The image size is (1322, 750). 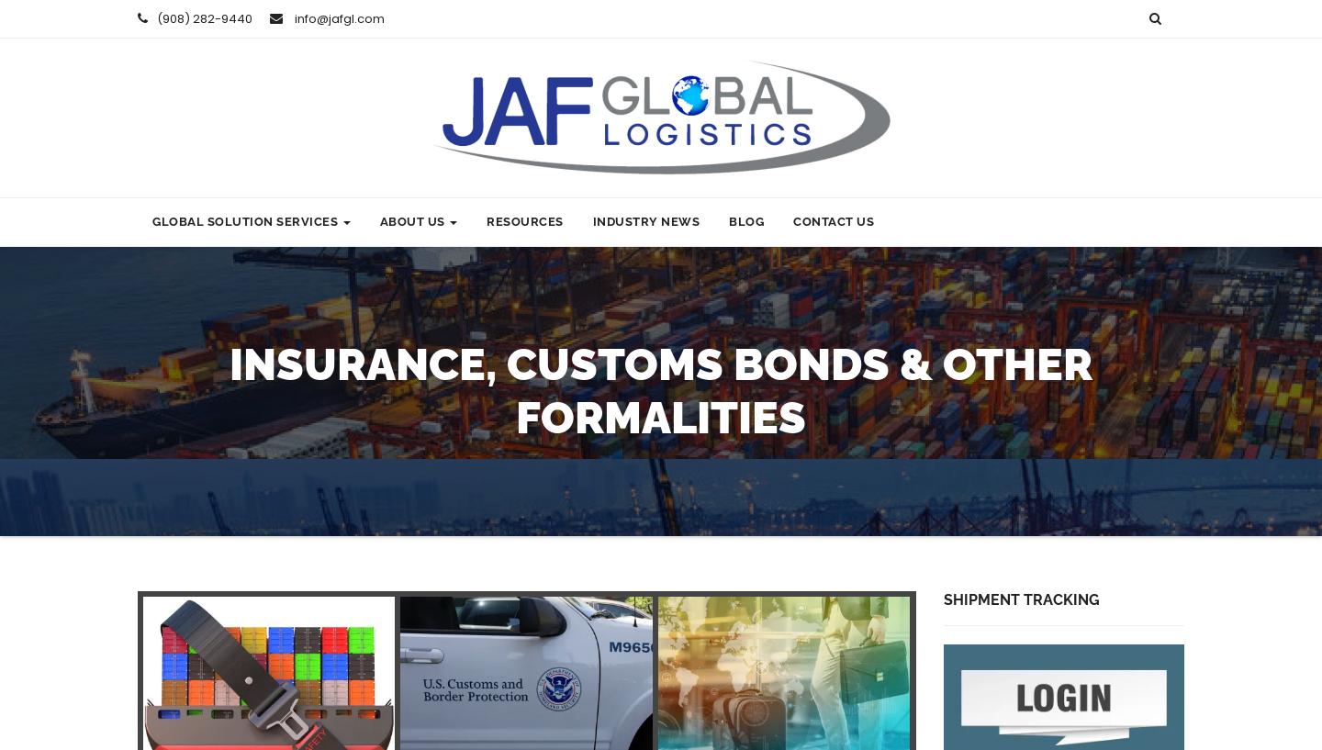 I want to click on 'About Us', so click(x=413, y=220).